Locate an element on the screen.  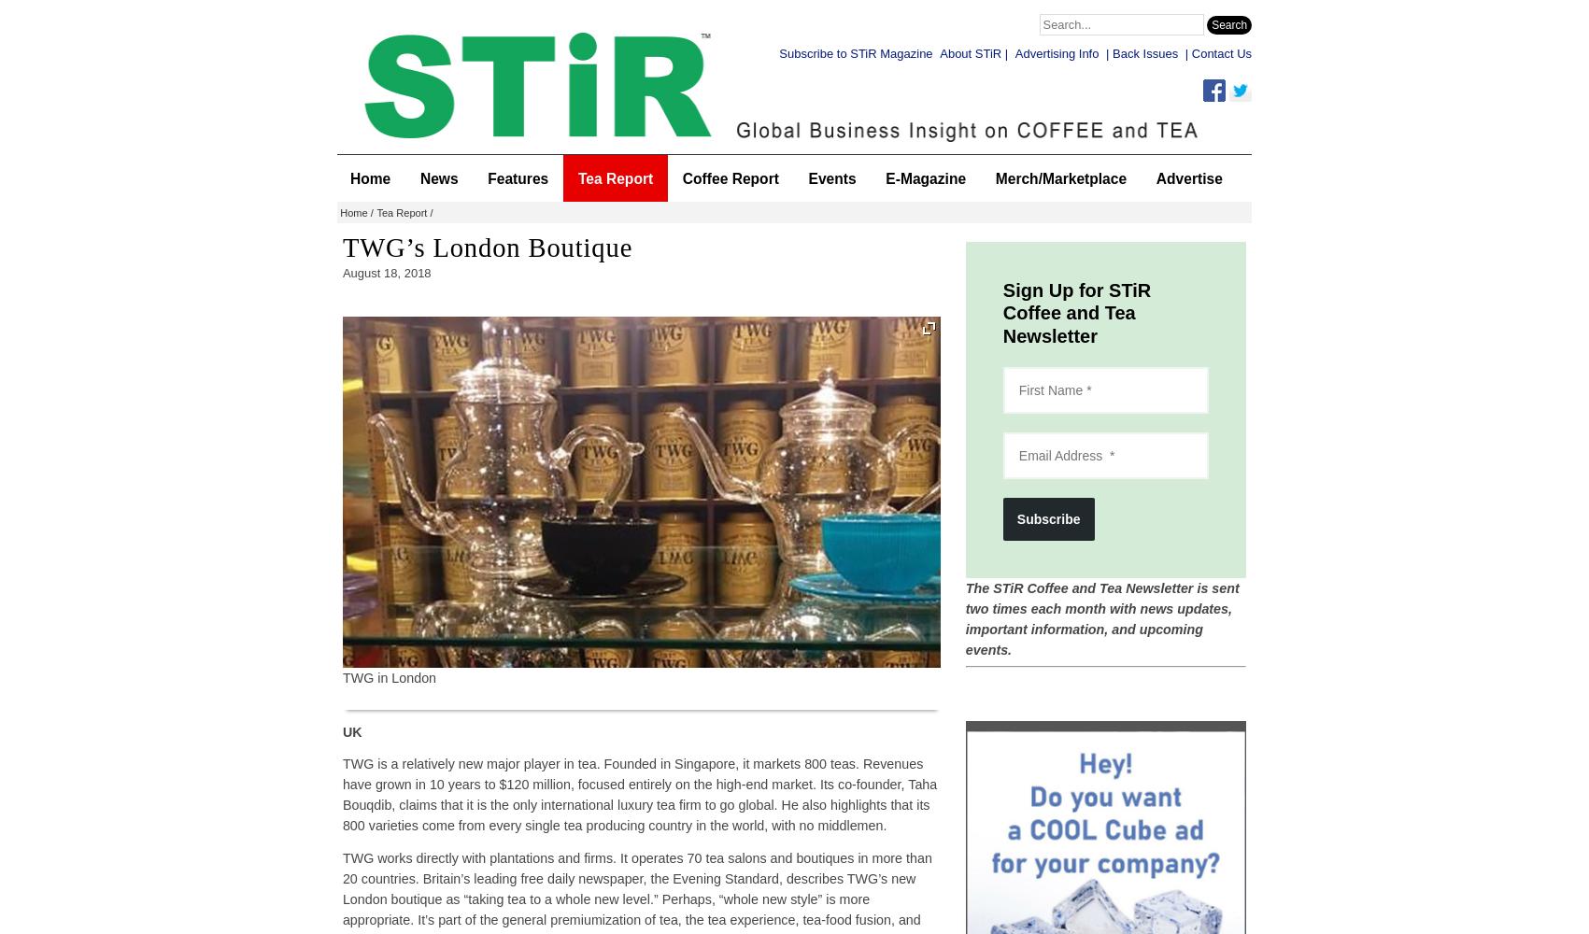
'Merch/Marketplace' is located at coordinates (1059, 177).